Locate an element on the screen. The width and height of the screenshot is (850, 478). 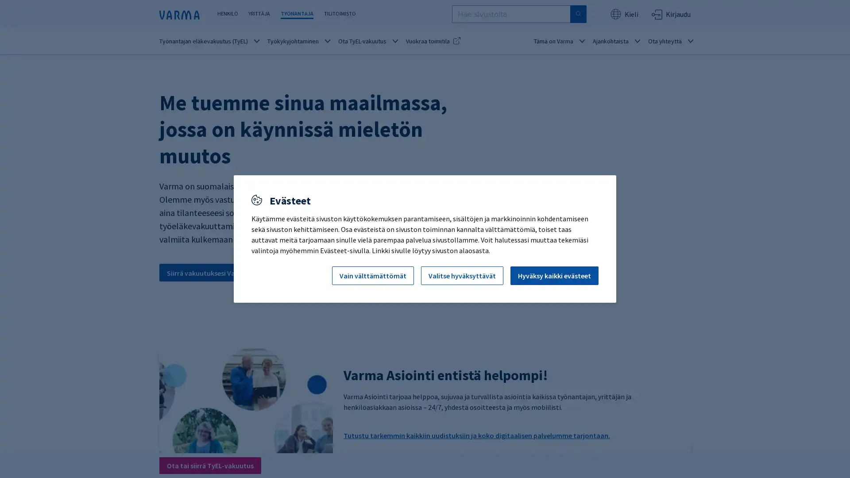
Vain valttamattomat is located at coordinates (373, 275).